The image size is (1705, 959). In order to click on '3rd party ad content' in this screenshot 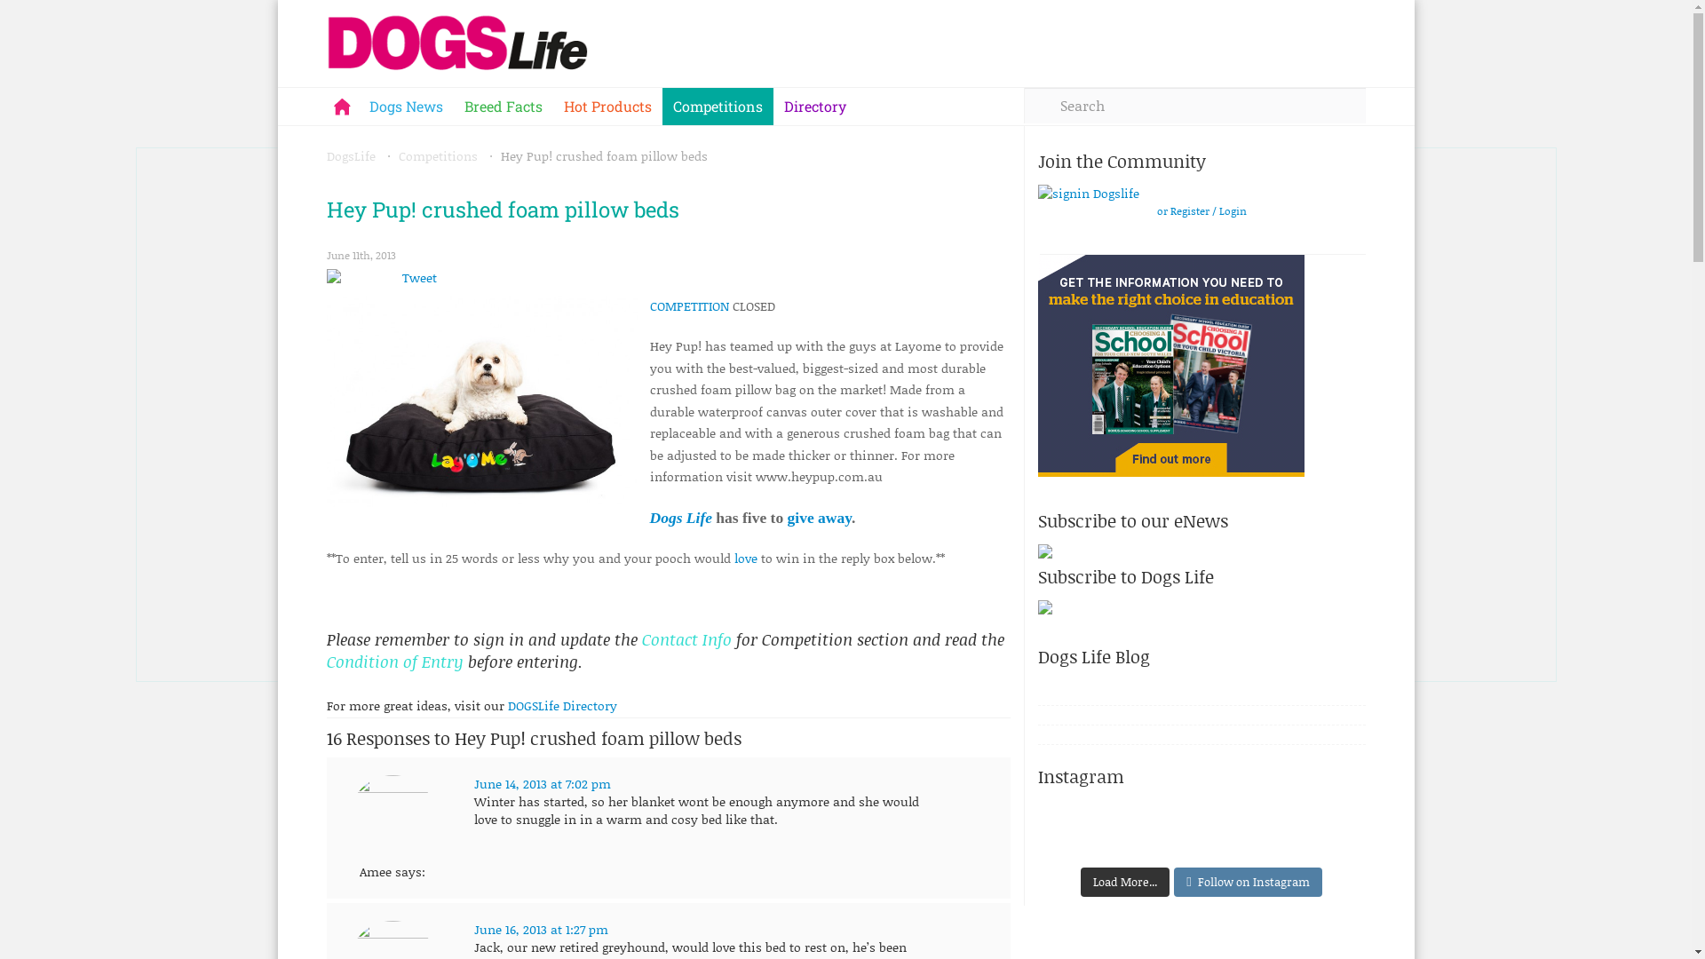, I will do `click(1170, 365)`.